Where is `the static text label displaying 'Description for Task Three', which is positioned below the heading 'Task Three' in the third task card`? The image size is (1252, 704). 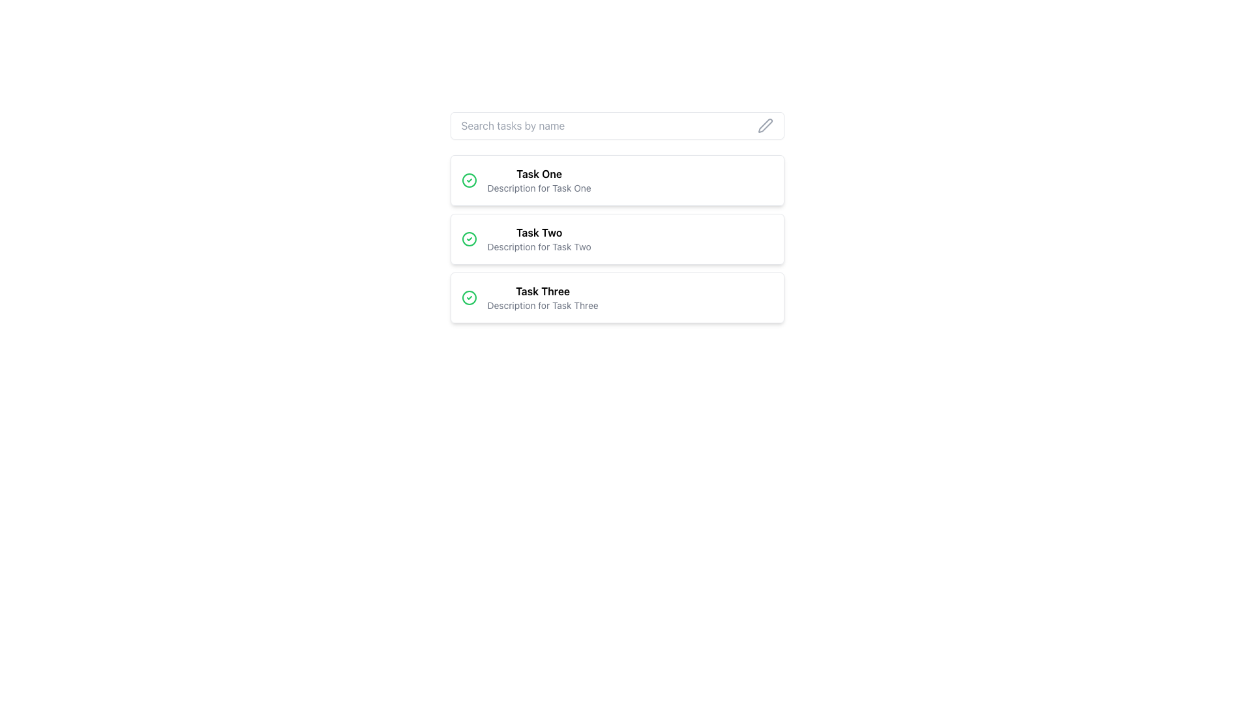
the static text label displaying 'Description for Task Three', which is positioned below the heading 'Task Three' in the third task card is located at coordinates (543, 306).